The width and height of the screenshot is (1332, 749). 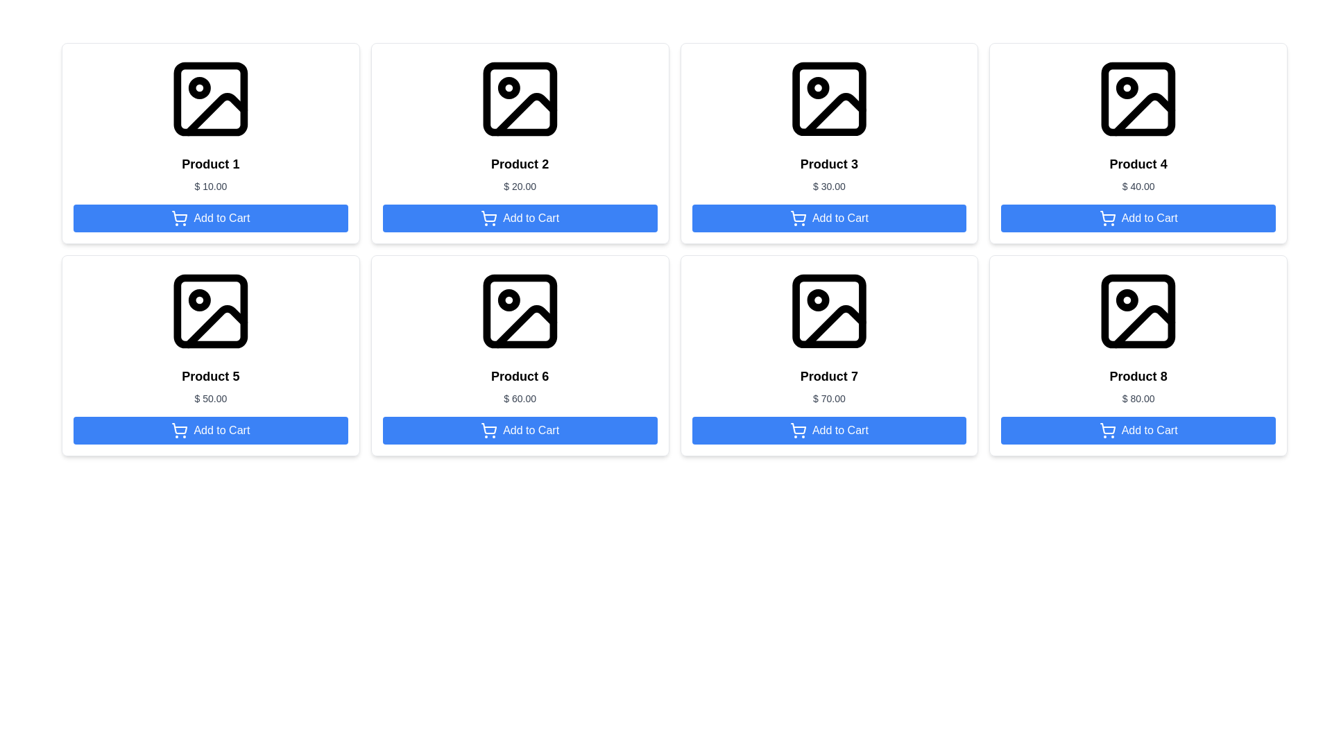 I want to click on the non-interactive graphical component located in the top-left corner of the landscape image within the 'Product 2' card in the grid layout, so click(x=508, y=88).